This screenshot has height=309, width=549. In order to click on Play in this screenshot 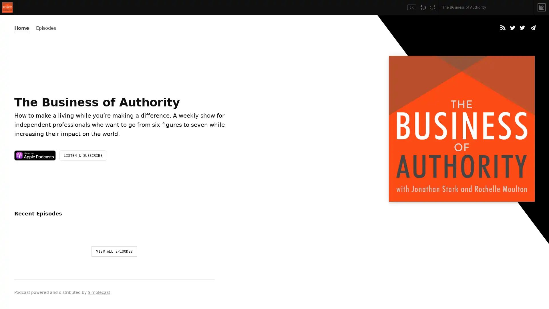, I will do `click(22, 7)`.